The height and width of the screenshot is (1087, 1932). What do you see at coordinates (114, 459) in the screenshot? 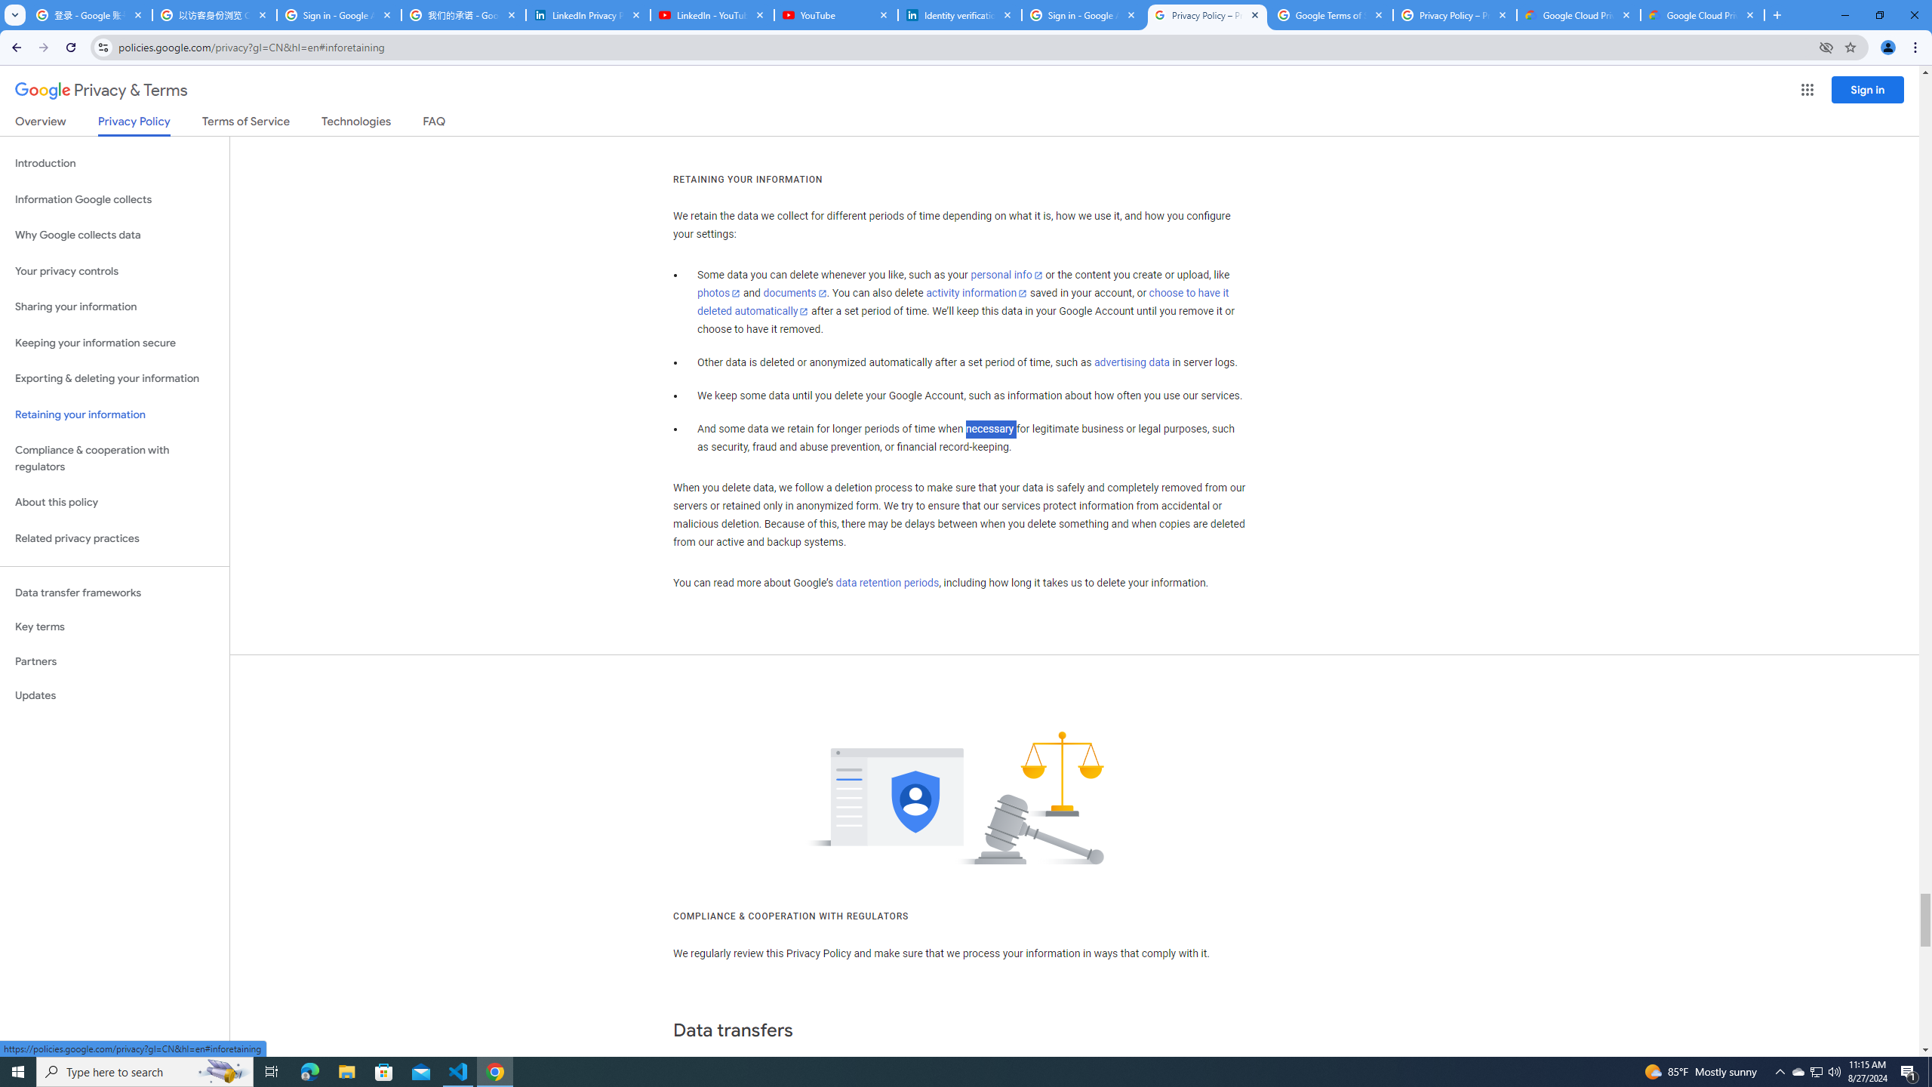
I see `'Compliance & cooperation with regulators'` at bounding box center [114, 459].